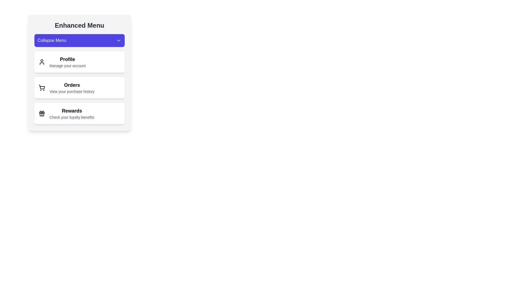  I want to click on the vector graphic of a shopping cart icon located in the second button of the vertical menu labeled 'Orders', so click(42, 87).